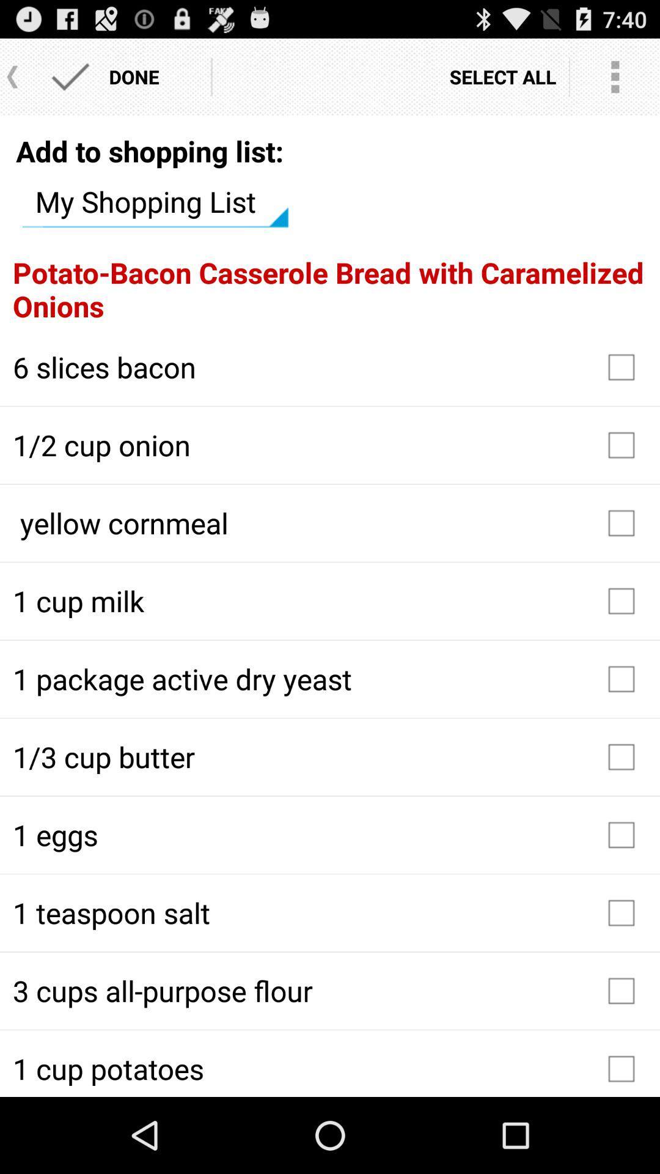 Image resolution: width=660 pixels, height=1174 pixels. Describe the element at coordinates (330, 913) in the screenshot. I see `item above the 3 cups all icon` at that location.